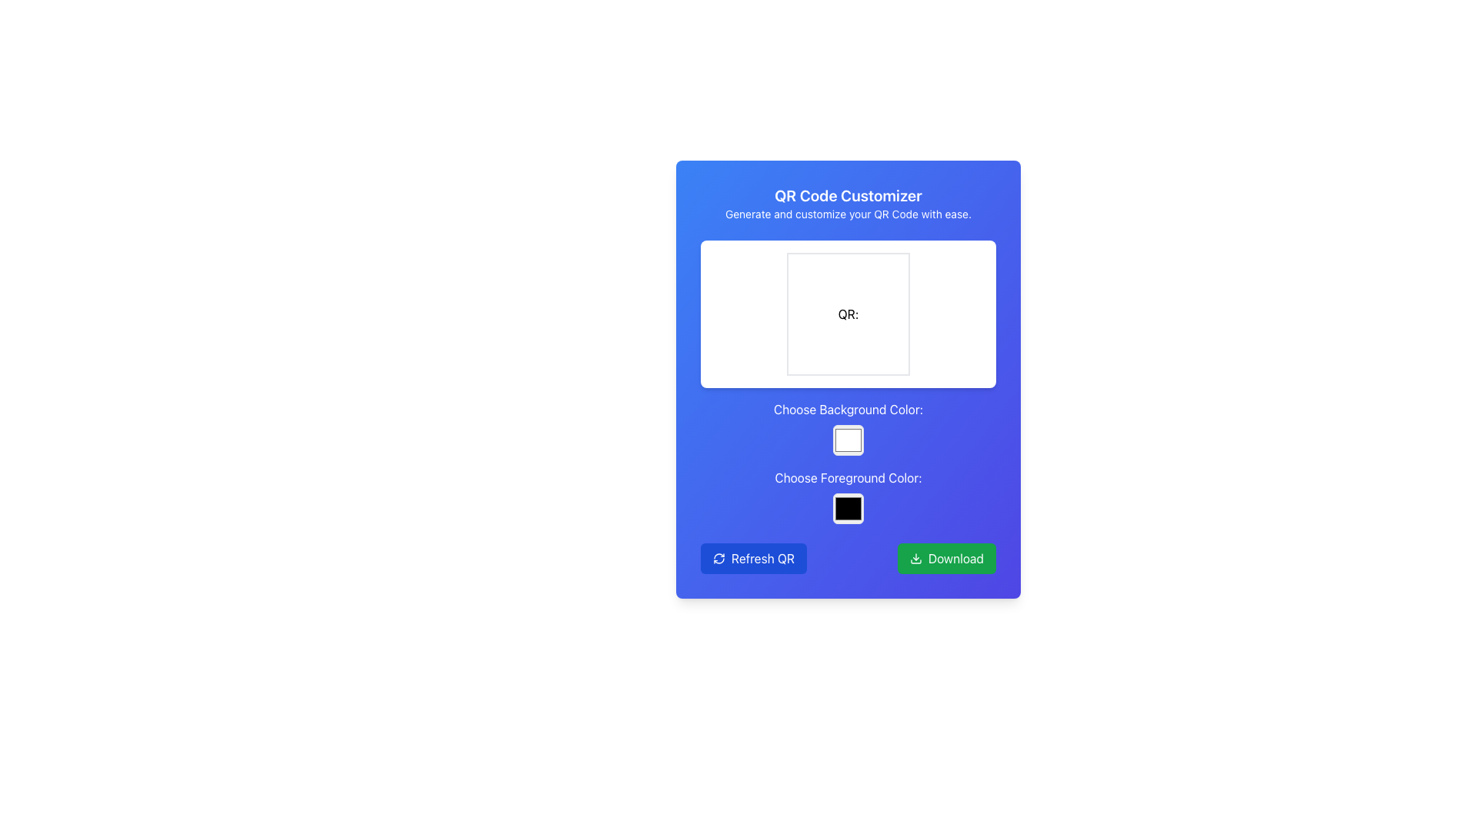 The height and width of the screenshot is (830, 1477). What do you see at coordinates (848, 461) in the screenshot?
I see `the color selection buttons in the Interactive Color Selection Panel of the QR Code Customizer interface` at bounding box center [848, 461].